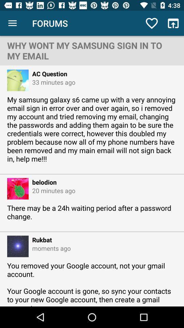 Image resolution: width=184 pixels, height=328 pixels. I want to click on the item above the moments ago, so click(40, 240).